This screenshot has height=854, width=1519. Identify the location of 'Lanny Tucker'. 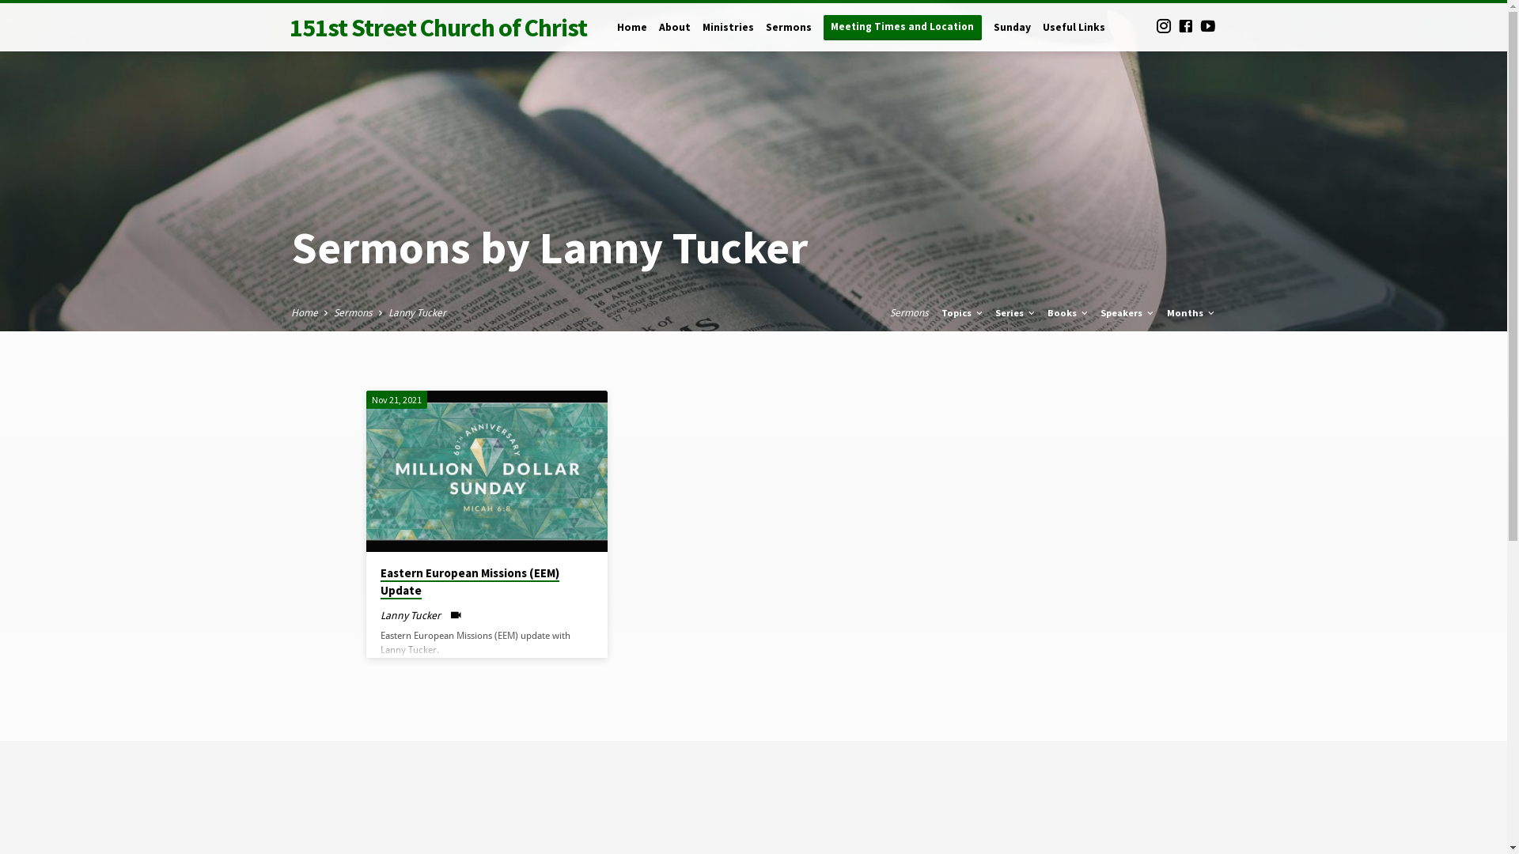
(410, 614).